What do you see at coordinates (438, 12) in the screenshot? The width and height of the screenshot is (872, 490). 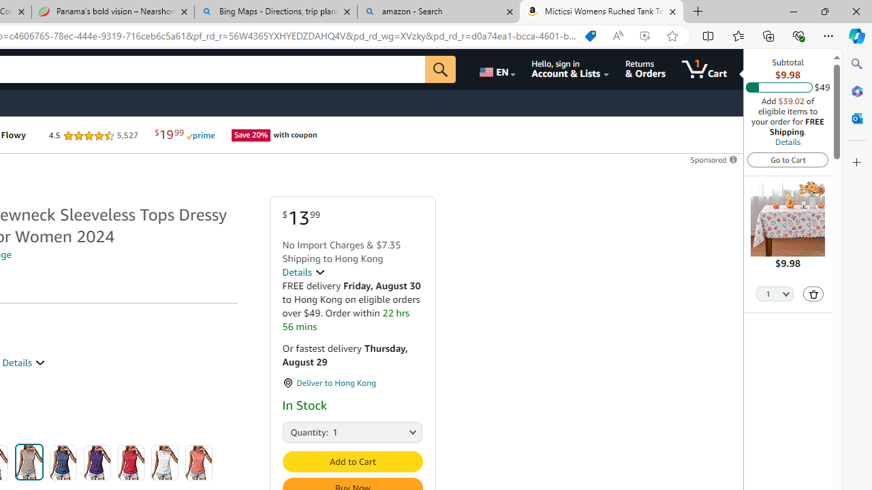 I see `'amazon - Search'` at bounding box center [438, 12].